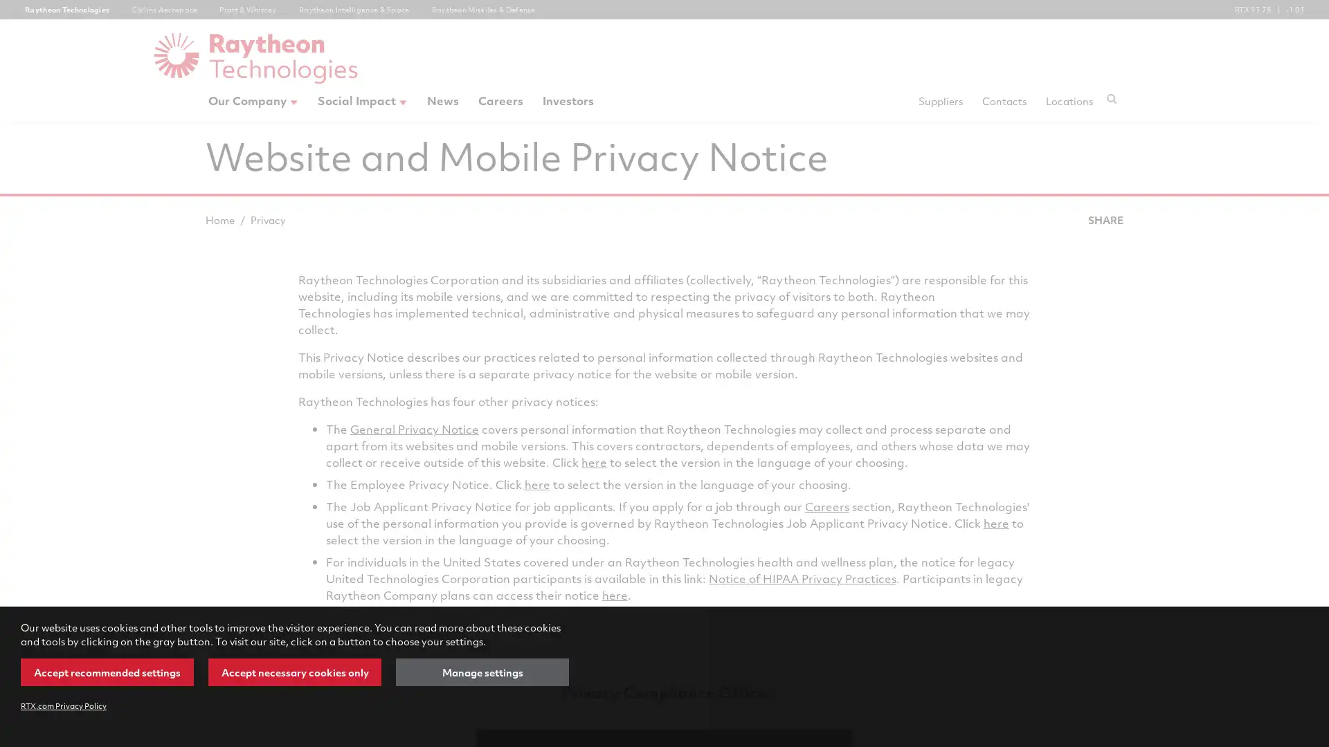 This screenshot has width=1329, height=747. Describe the element at coordinates (1104, 219) in the screenshot. I see `SHARE` at that location.